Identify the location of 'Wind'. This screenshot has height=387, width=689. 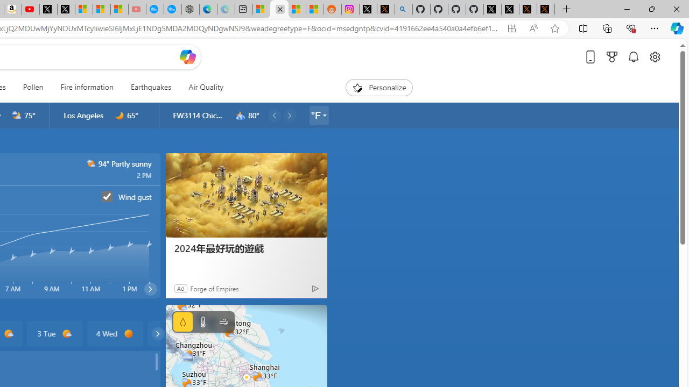
(223, 321).